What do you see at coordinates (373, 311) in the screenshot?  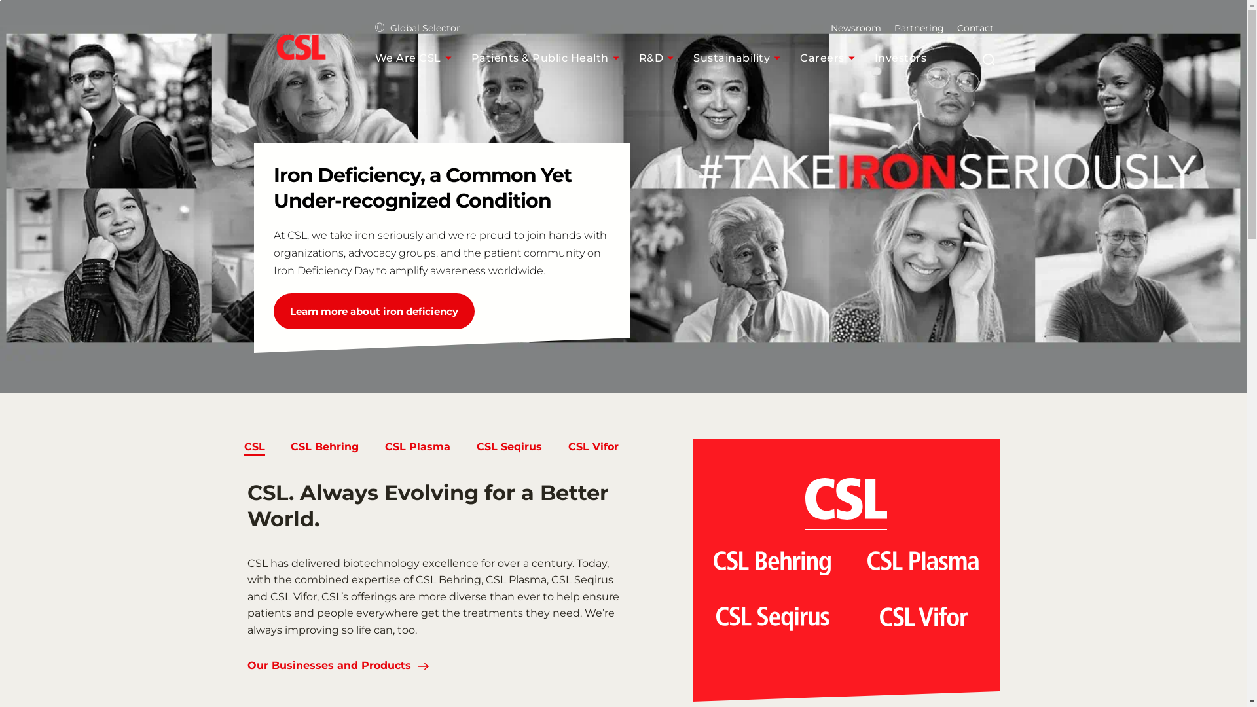 I see `'Learn more about iron deficiency'` at bounding box center [373, 311].